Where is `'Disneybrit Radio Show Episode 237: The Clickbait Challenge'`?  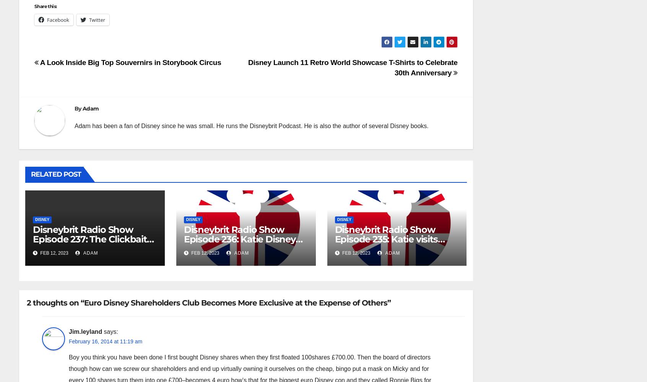
'Disneybrit Radio Show Episode 237: The Clickbait Challenge' is located at coordinates (89, 238).